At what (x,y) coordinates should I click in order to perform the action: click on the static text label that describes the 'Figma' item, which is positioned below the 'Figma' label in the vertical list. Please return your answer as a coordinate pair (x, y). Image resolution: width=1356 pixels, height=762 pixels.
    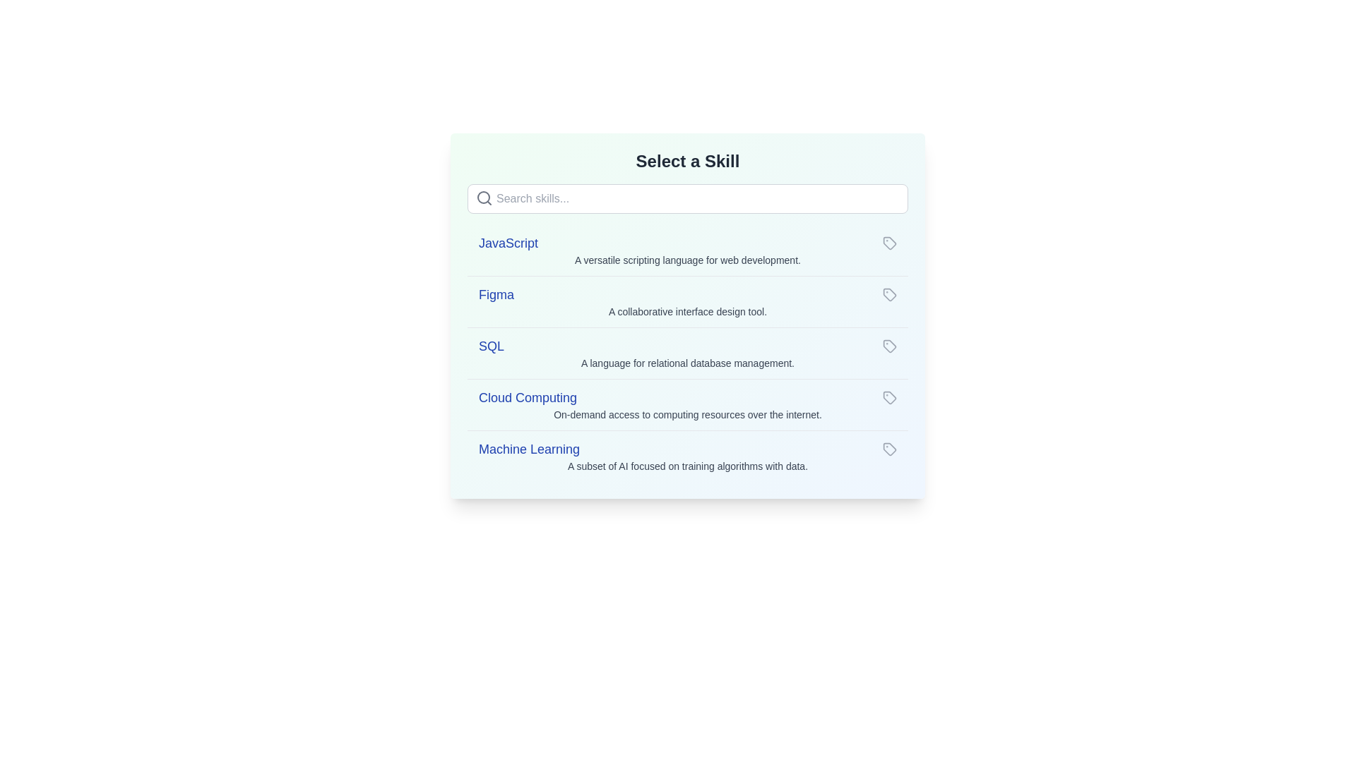
    Looking at the image, I should click on (688, 311).